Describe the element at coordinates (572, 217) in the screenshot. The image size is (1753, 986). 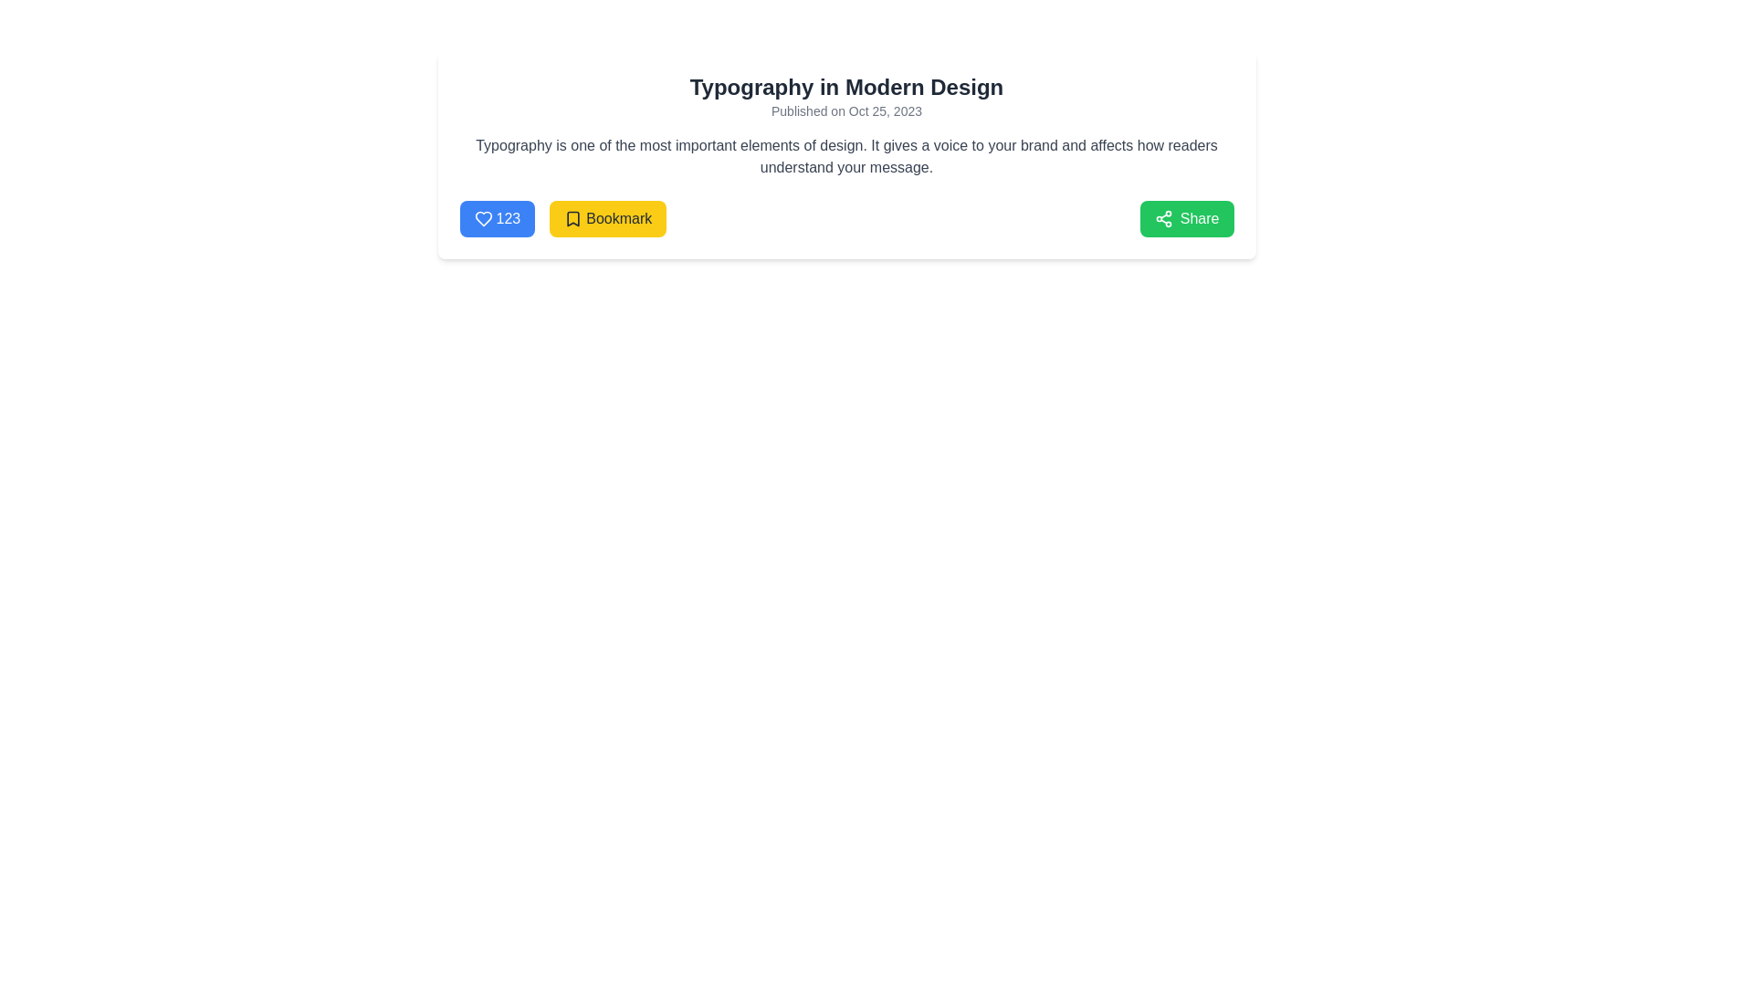
I see `the bookmark SVG icon located within the yellow rectangular button labeled 'Bookmark' in the horizontal toolbar below the title 'Typography in Modern Design'` at that location.